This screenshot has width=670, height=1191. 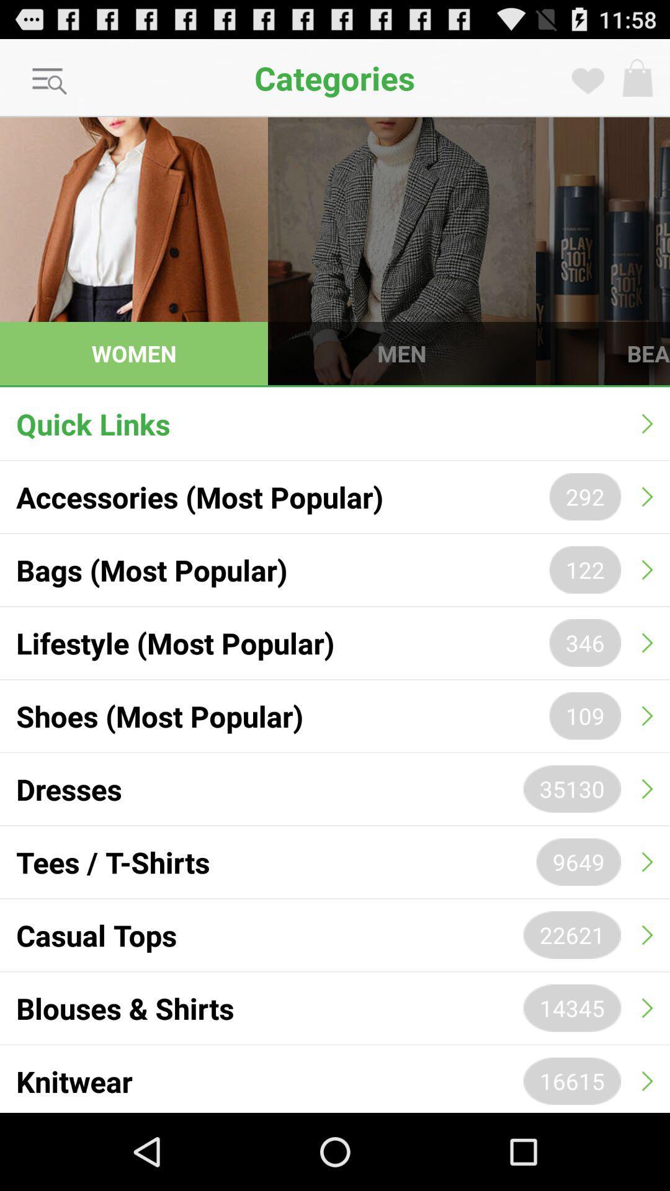 What do you see at coordinates (602, 250) in the screenshot?
I see `the image at right side of men` at bounding box center [602, 250].